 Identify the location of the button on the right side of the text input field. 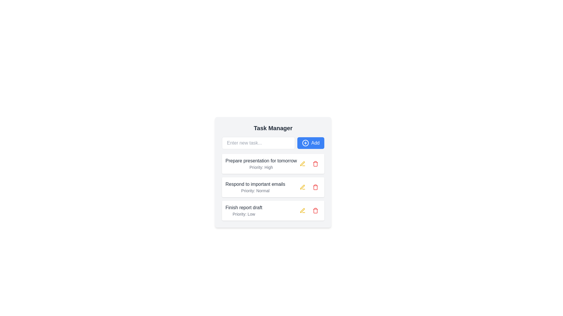
(310, 143).